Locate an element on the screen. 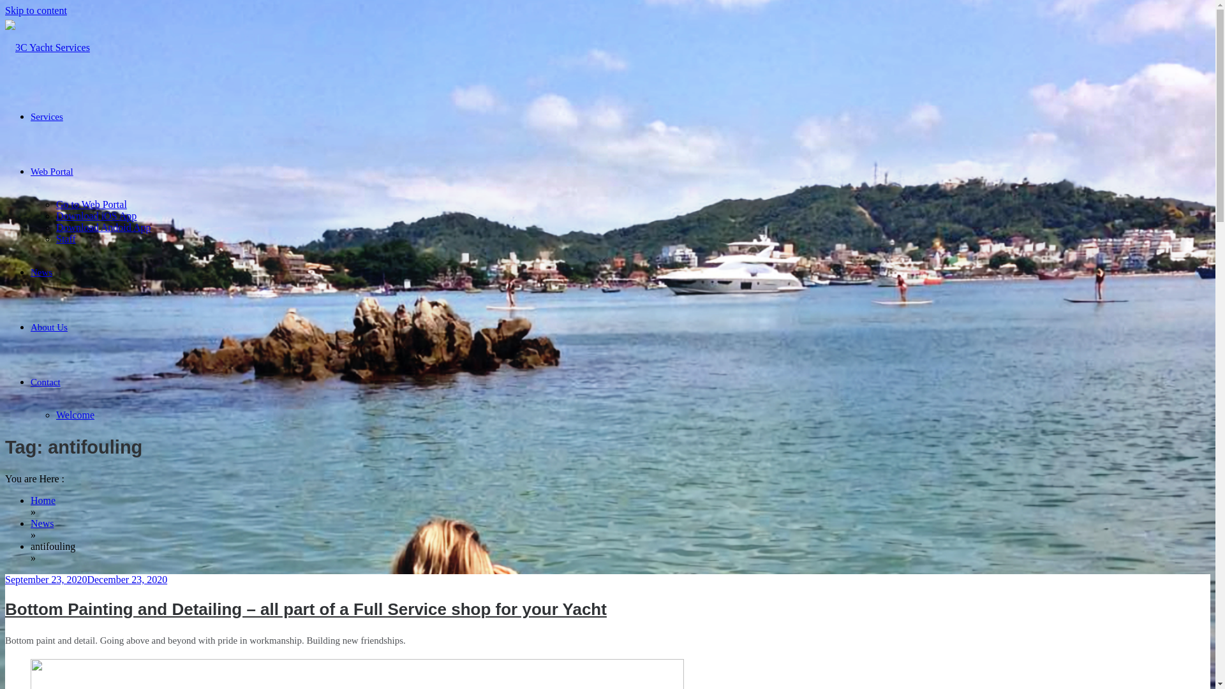 The width and height of the screenshot is (1225, 689). 'Contact' is located at coordinates (45, 381).